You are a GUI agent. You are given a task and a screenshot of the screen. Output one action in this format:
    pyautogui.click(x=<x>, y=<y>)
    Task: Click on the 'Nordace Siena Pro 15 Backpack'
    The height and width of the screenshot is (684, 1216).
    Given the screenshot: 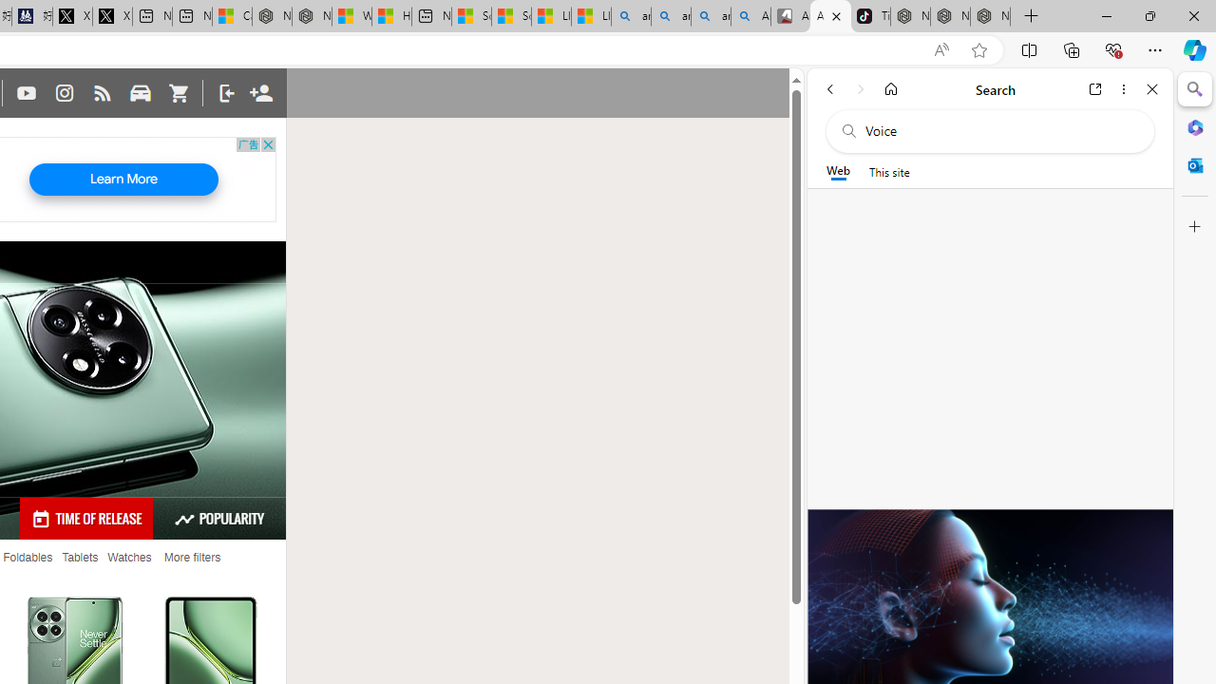 What is the action you would take?
    pyautogui.click(x=950, y=16)
    